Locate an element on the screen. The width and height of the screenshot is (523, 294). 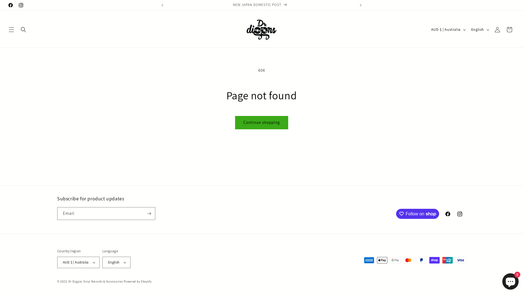
'Shopify online store chat' is located at coordinates (501, 280).